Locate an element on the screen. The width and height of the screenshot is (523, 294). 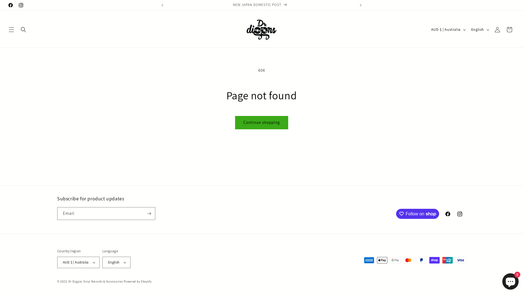
'Shopify online store chat' is located at coordinates (501, 280).